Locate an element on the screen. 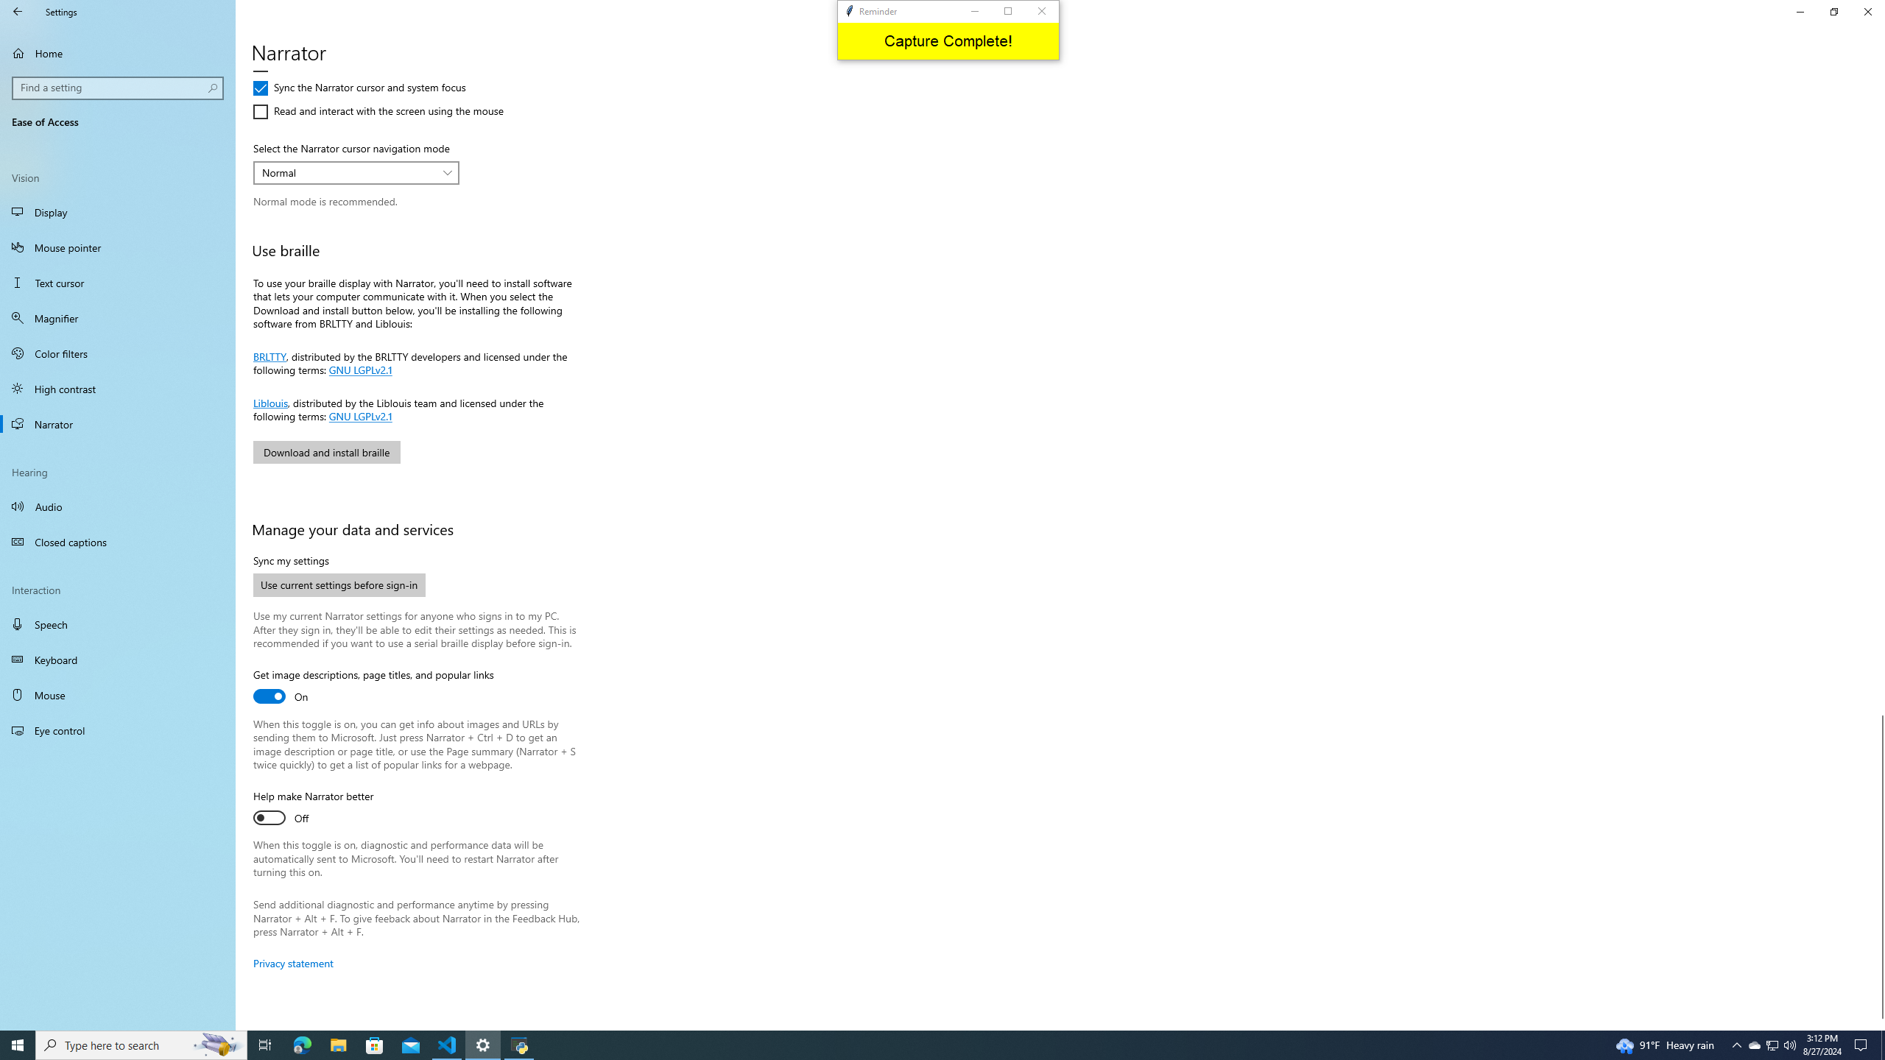  'Audio' is located at coordinates (117, 505).